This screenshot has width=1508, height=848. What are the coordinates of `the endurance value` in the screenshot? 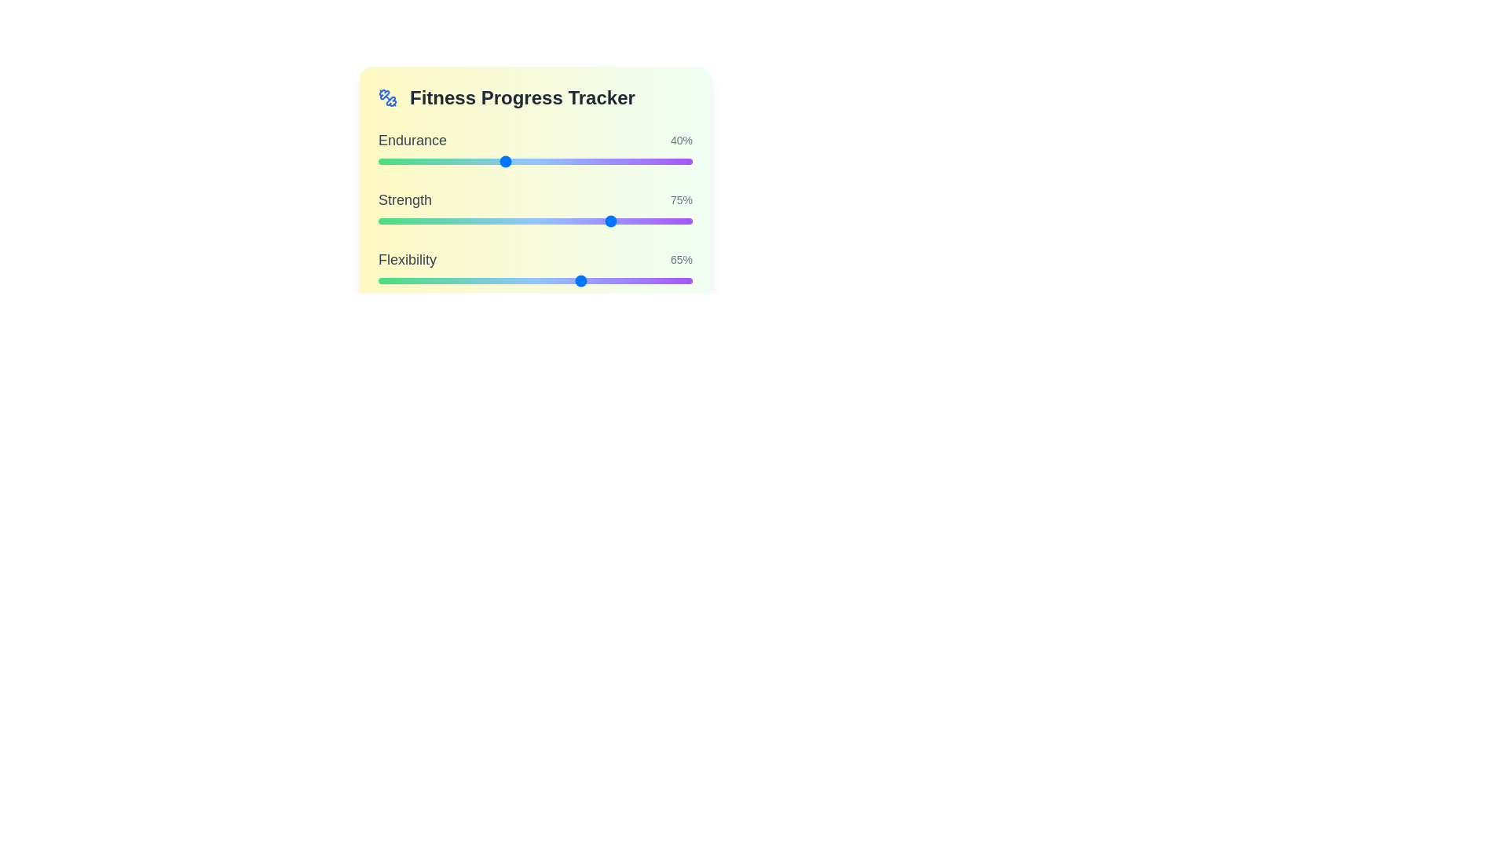 It's located at (429, 161).